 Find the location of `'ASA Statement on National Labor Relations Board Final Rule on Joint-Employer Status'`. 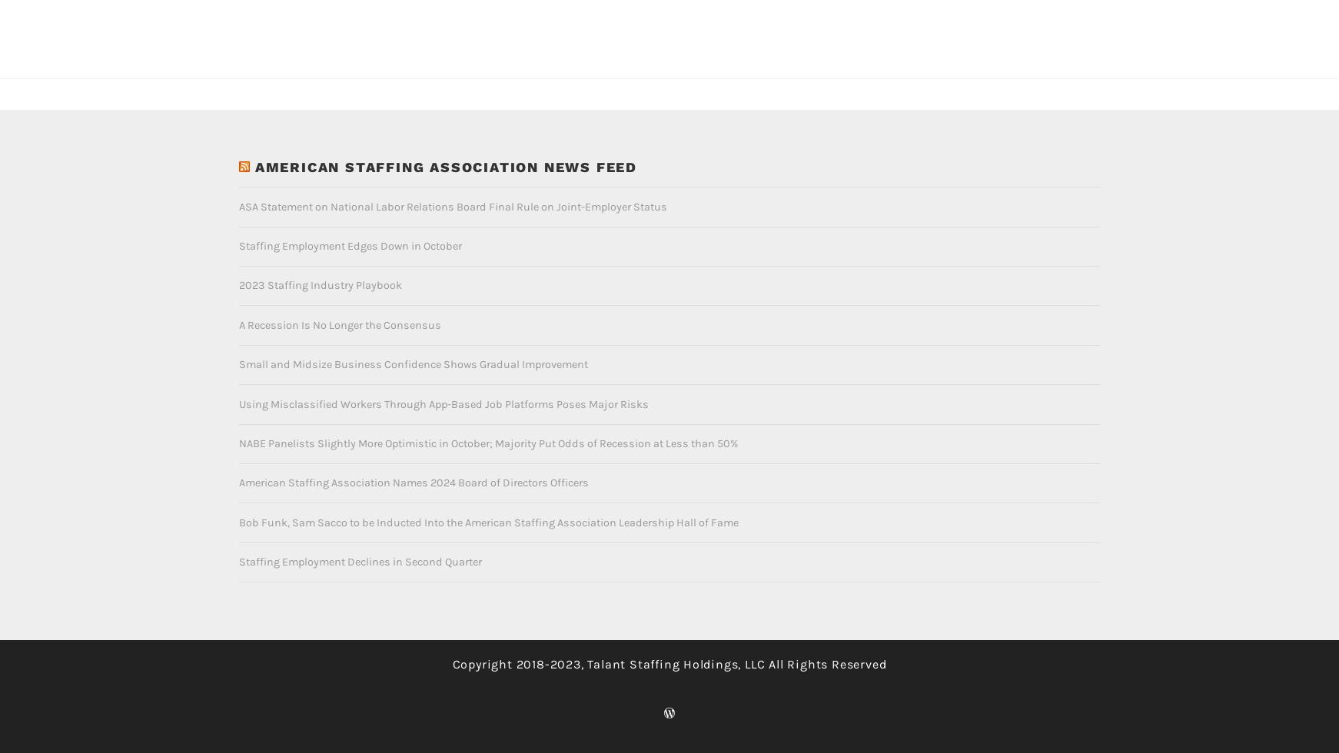

'ASA Statement on National Labor Relations Board Final Rule on Joint-Employer Status' is located at coordinates (452, 181).